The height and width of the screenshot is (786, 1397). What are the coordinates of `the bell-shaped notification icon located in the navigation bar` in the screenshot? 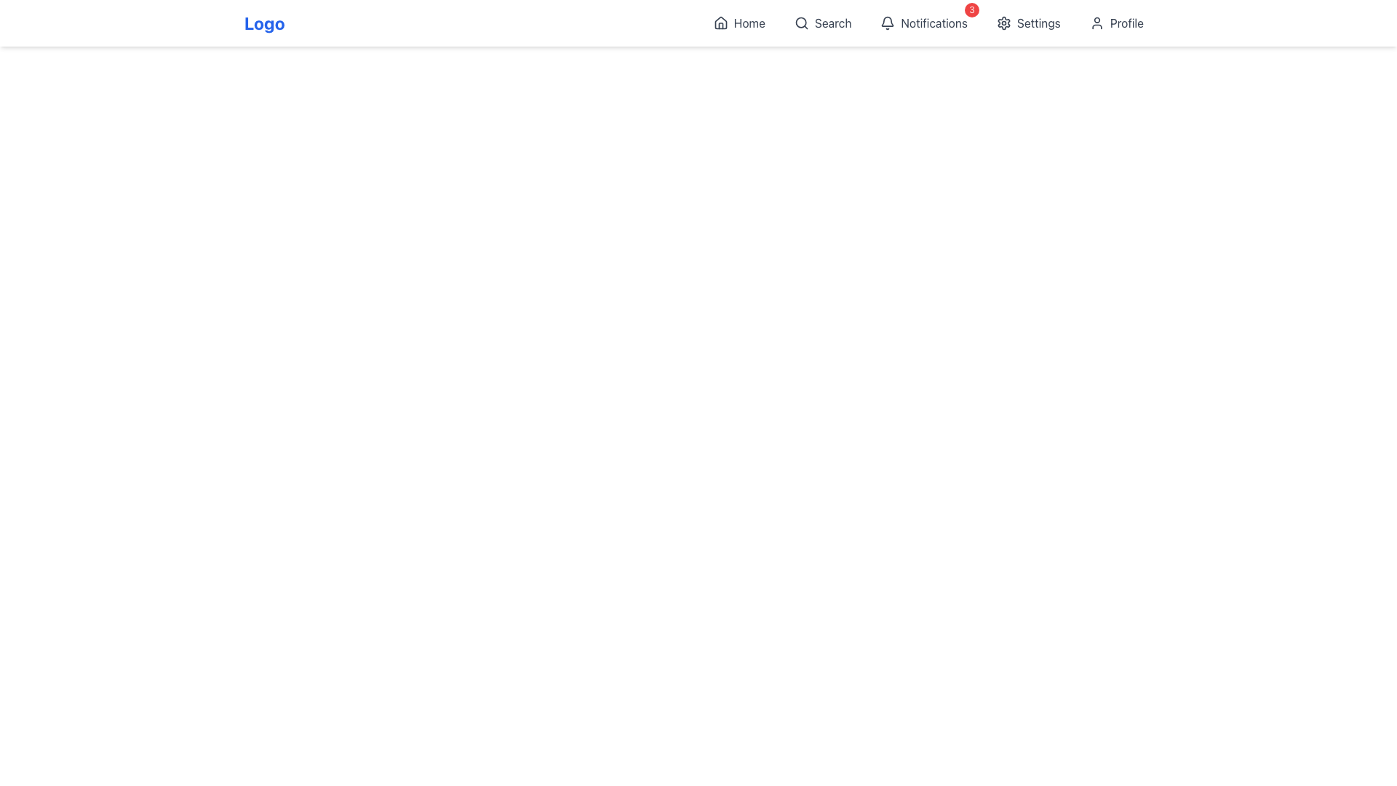 It's located at (887, 23).